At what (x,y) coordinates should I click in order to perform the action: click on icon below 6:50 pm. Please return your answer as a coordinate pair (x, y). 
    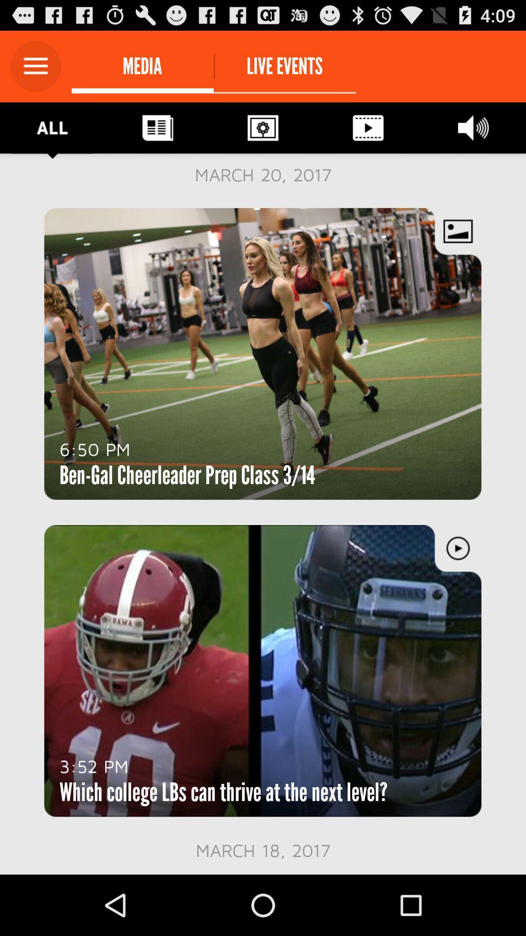
    Looking at the image, I should click on (187, 475).